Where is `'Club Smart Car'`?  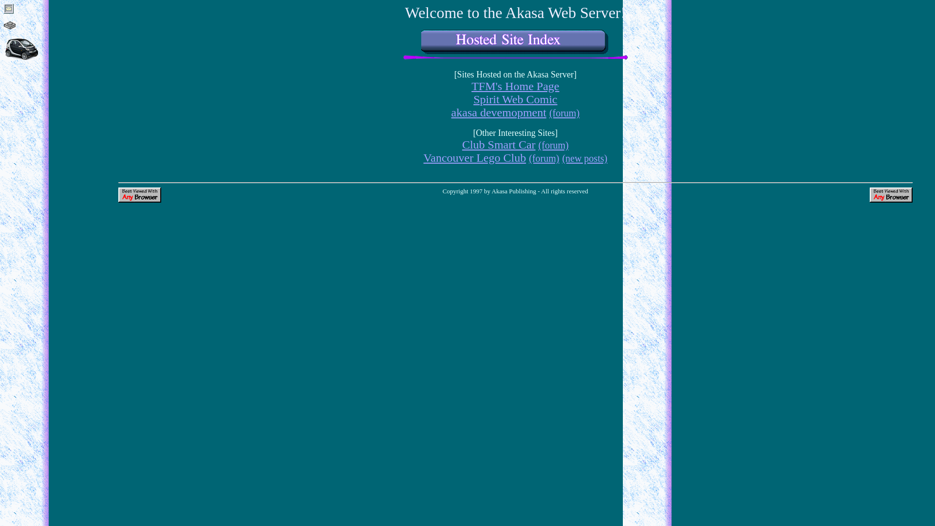
'Club Smart Car' is located at coordinates (462, 145).